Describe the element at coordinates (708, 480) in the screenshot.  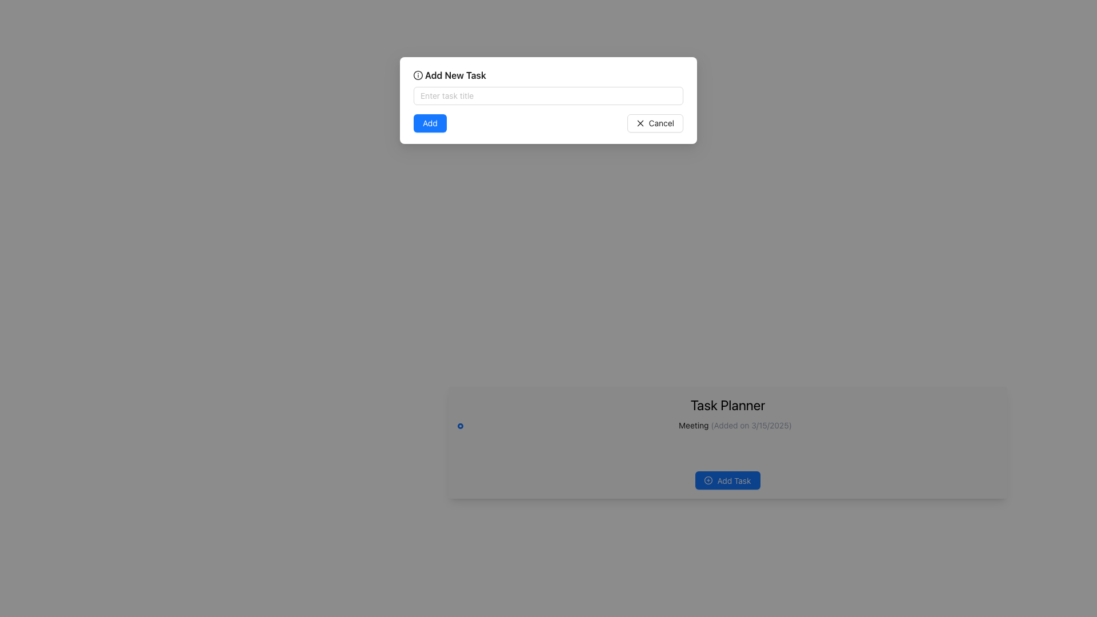
I see `the icon on the 'Add Task' button located at the bottom center of the 'Task Planner' panel` at that location.